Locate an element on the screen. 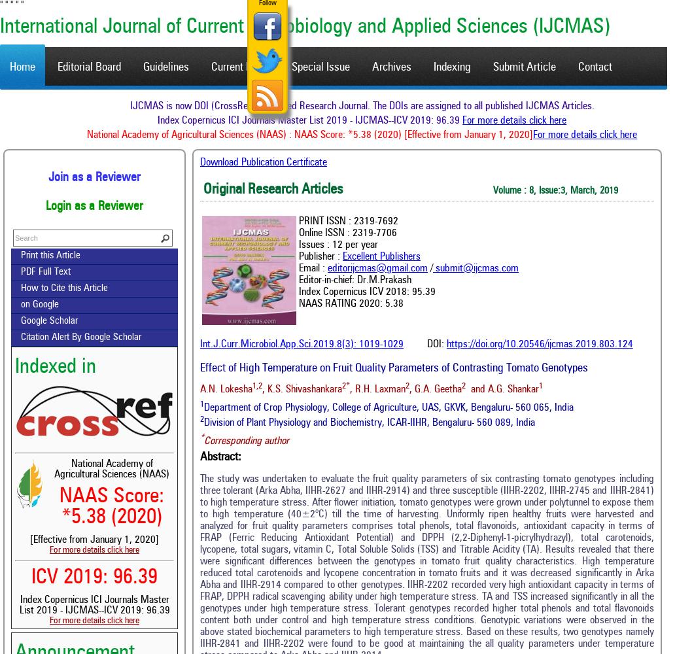  'Editor-in-chief: Dr.M.Prakash' is located at coordinates (355, 280).